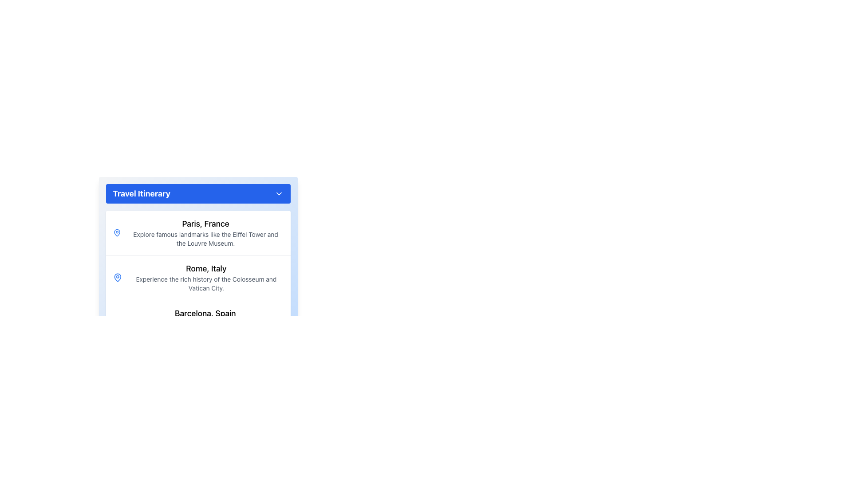 The width and height of the screenshot is (852, 479). Describe the element at coordinates (197, 264) in the screenshot. I see `the itinerary section describing 'Rome, Italy'` at that location.